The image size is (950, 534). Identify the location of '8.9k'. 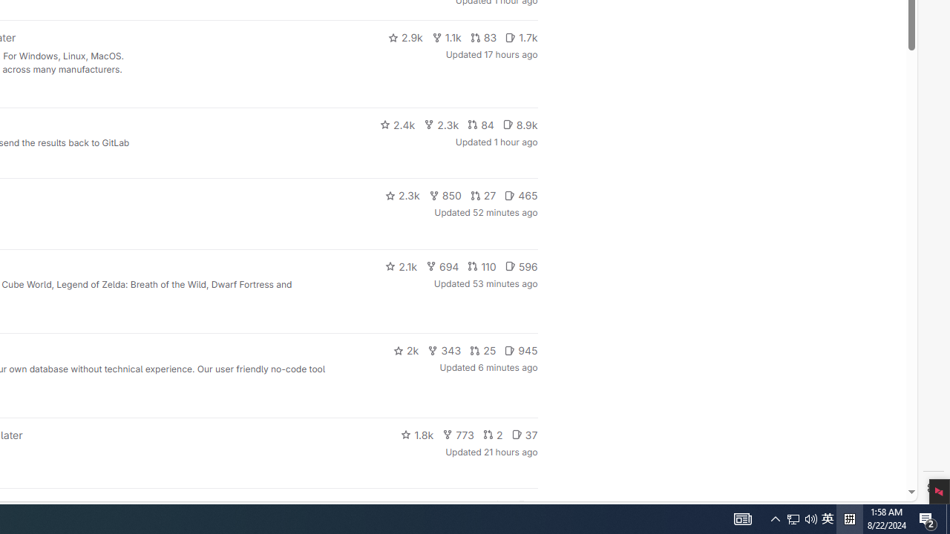
(520, 124).